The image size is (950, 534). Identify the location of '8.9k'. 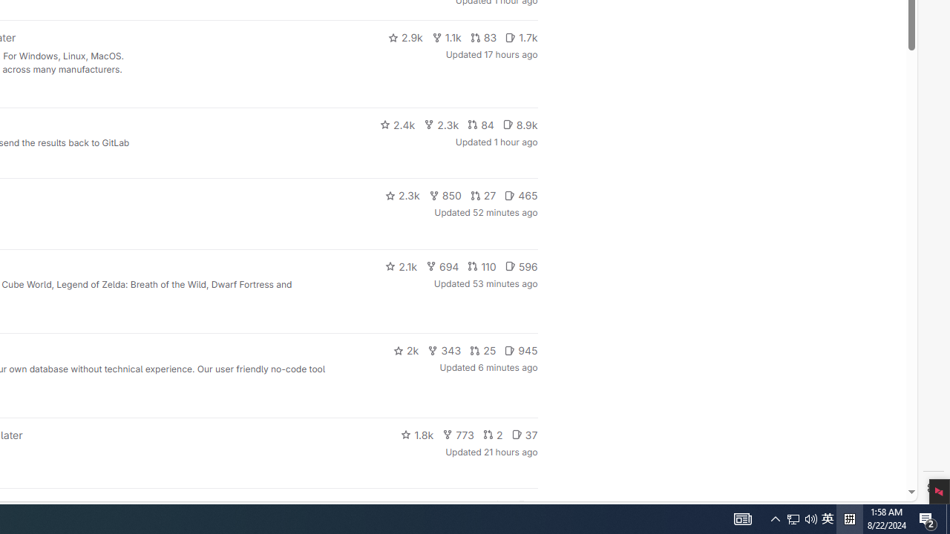
(520, 124).